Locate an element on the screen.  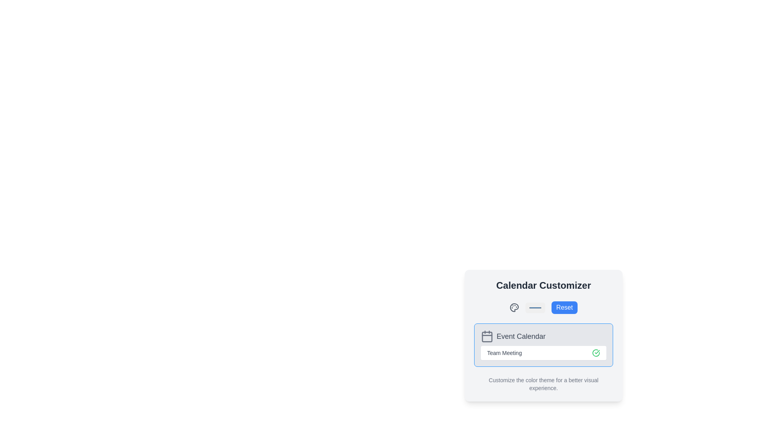
the blue rectangular color picker located near the top of the 'Calendar Customizer' panel is located at coordinates (535, 307).